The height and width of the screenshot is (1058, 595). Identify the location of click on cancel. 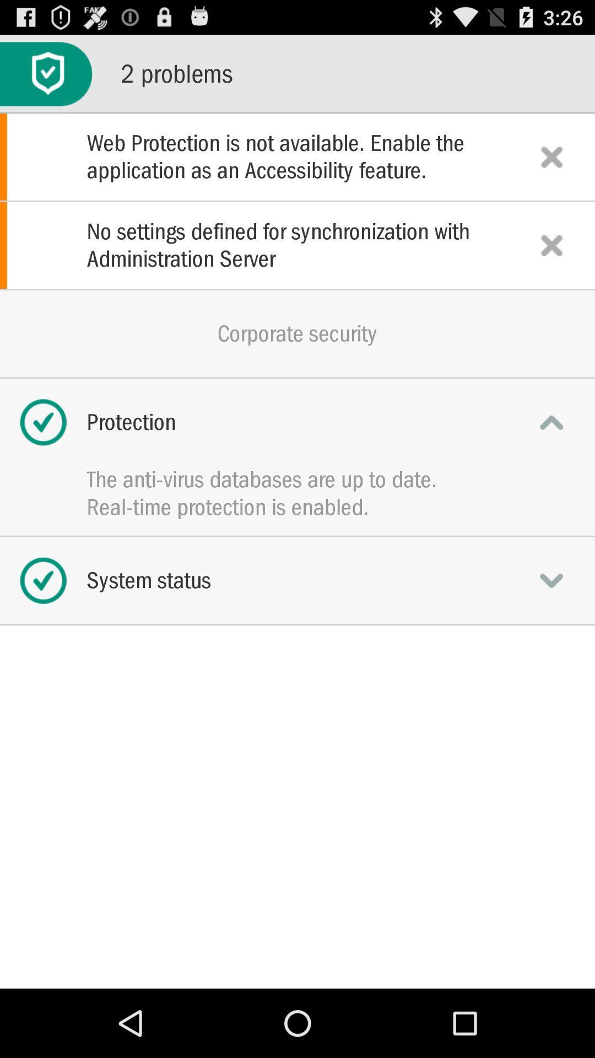
(551, 245).